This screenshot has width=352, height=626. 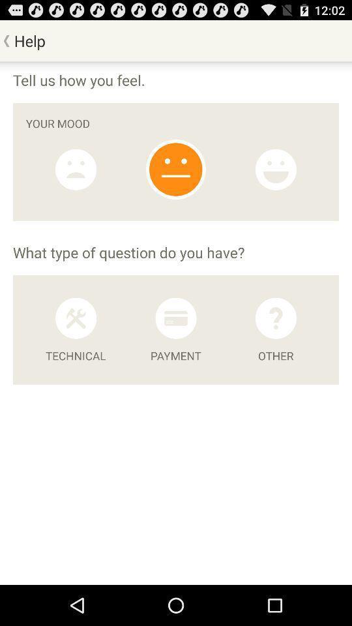 I want to click on technical difficulty, so click(x=76, y=318).